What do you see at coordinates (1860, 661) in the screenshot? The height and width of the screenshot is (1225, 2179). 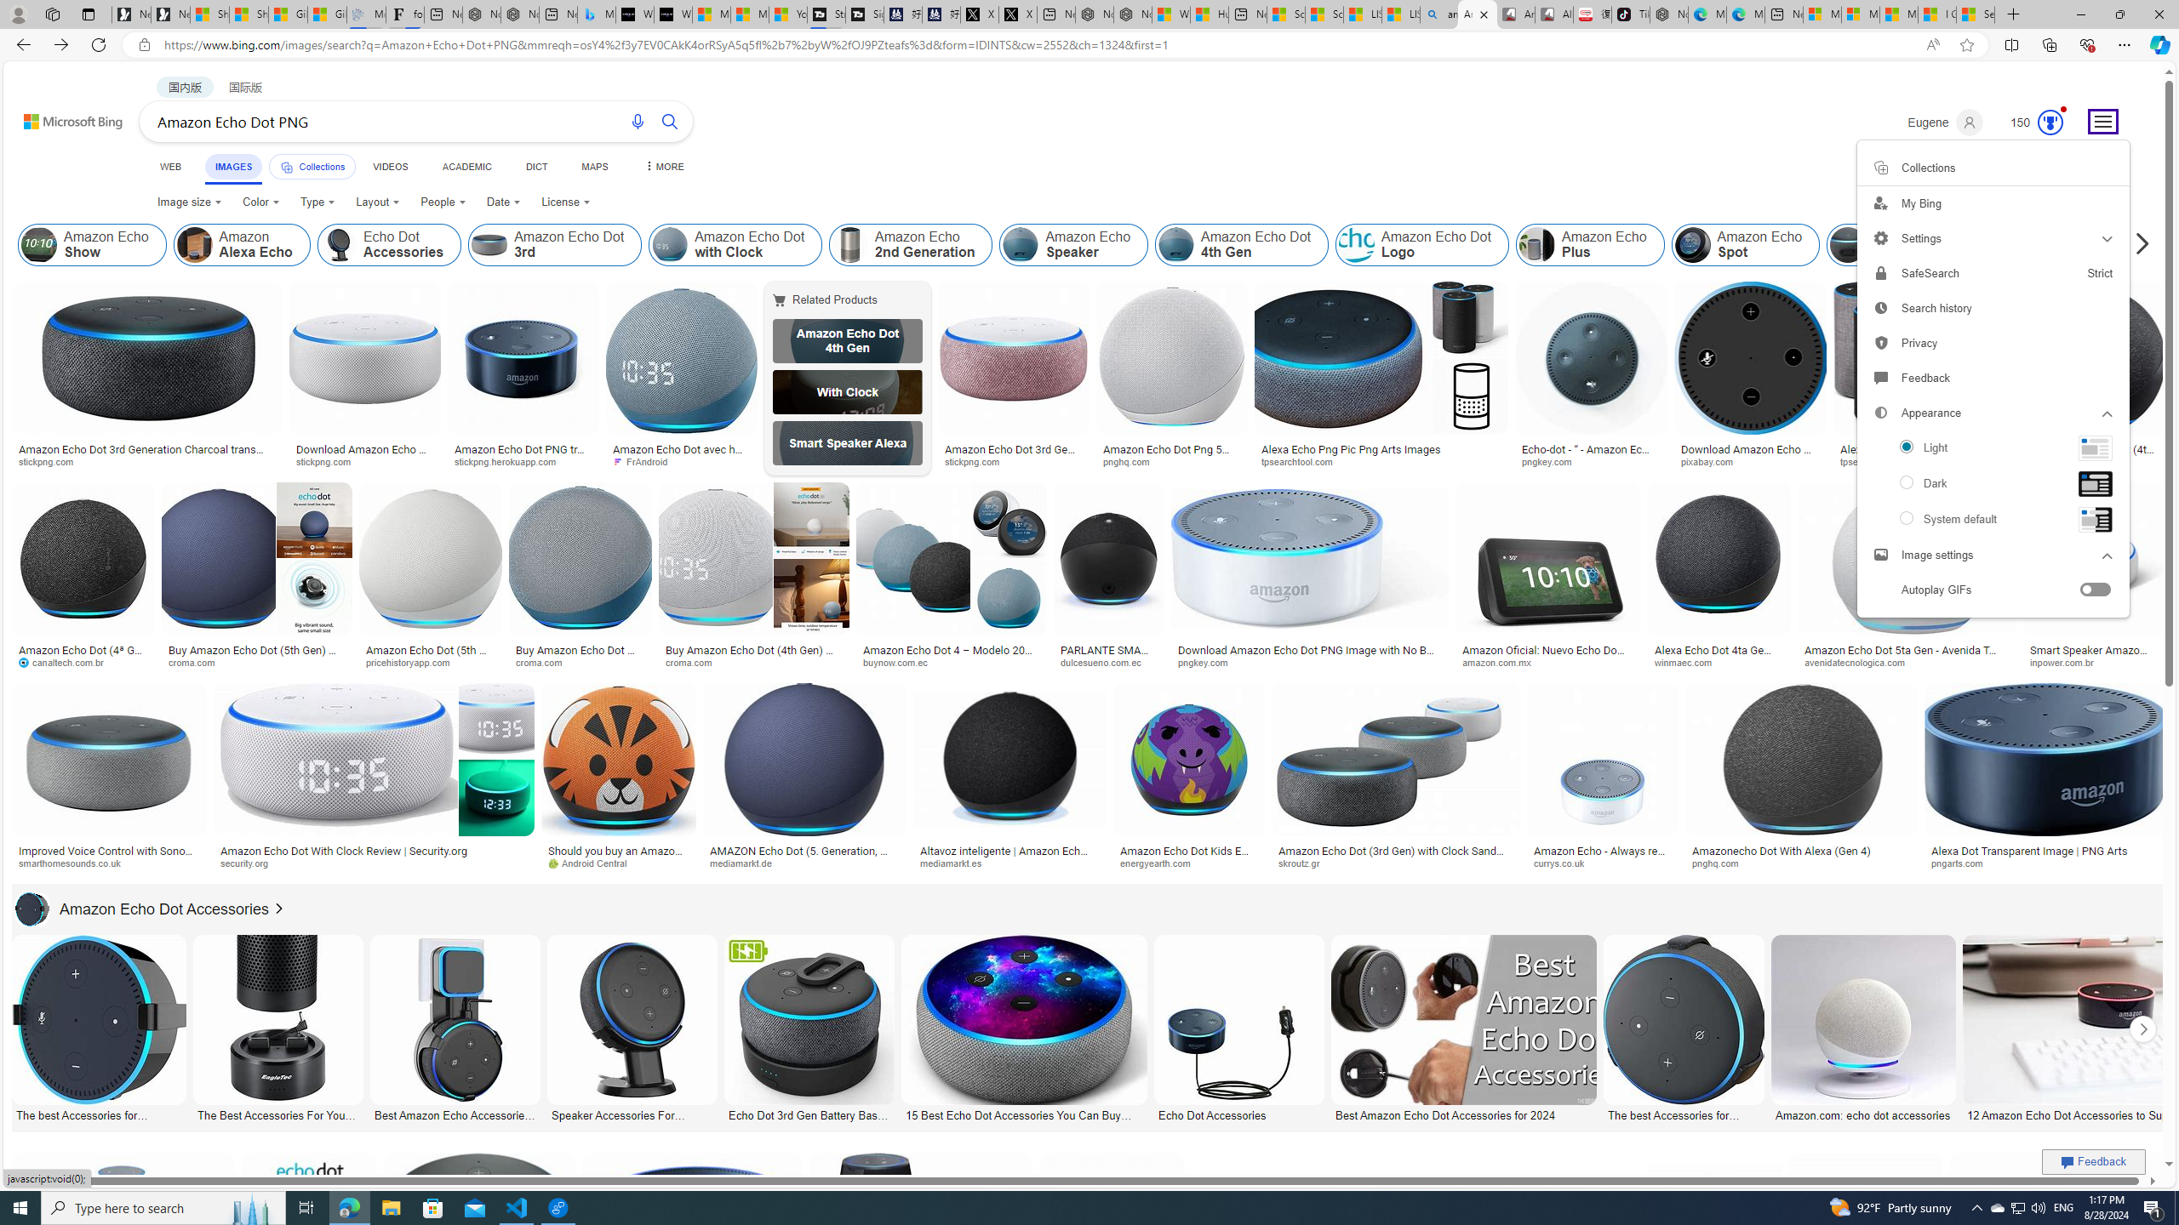 I see `'avenidatecnologica.com'` at bounding box center [1860, 661].